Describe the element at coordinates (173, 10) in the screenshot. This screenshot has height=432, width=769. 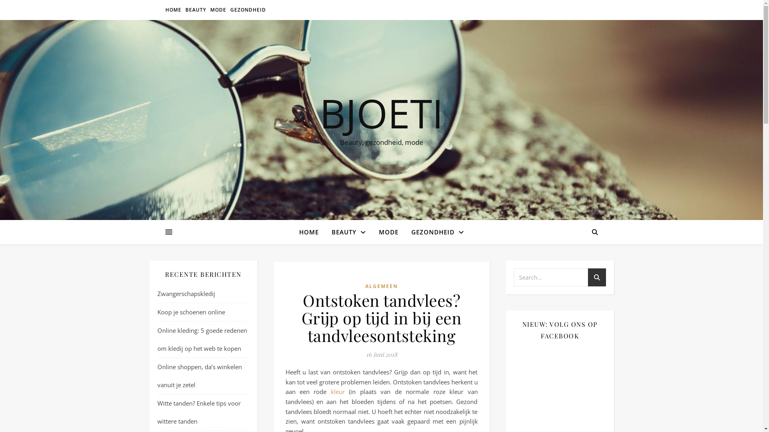
I see `'HOME'` at that location.